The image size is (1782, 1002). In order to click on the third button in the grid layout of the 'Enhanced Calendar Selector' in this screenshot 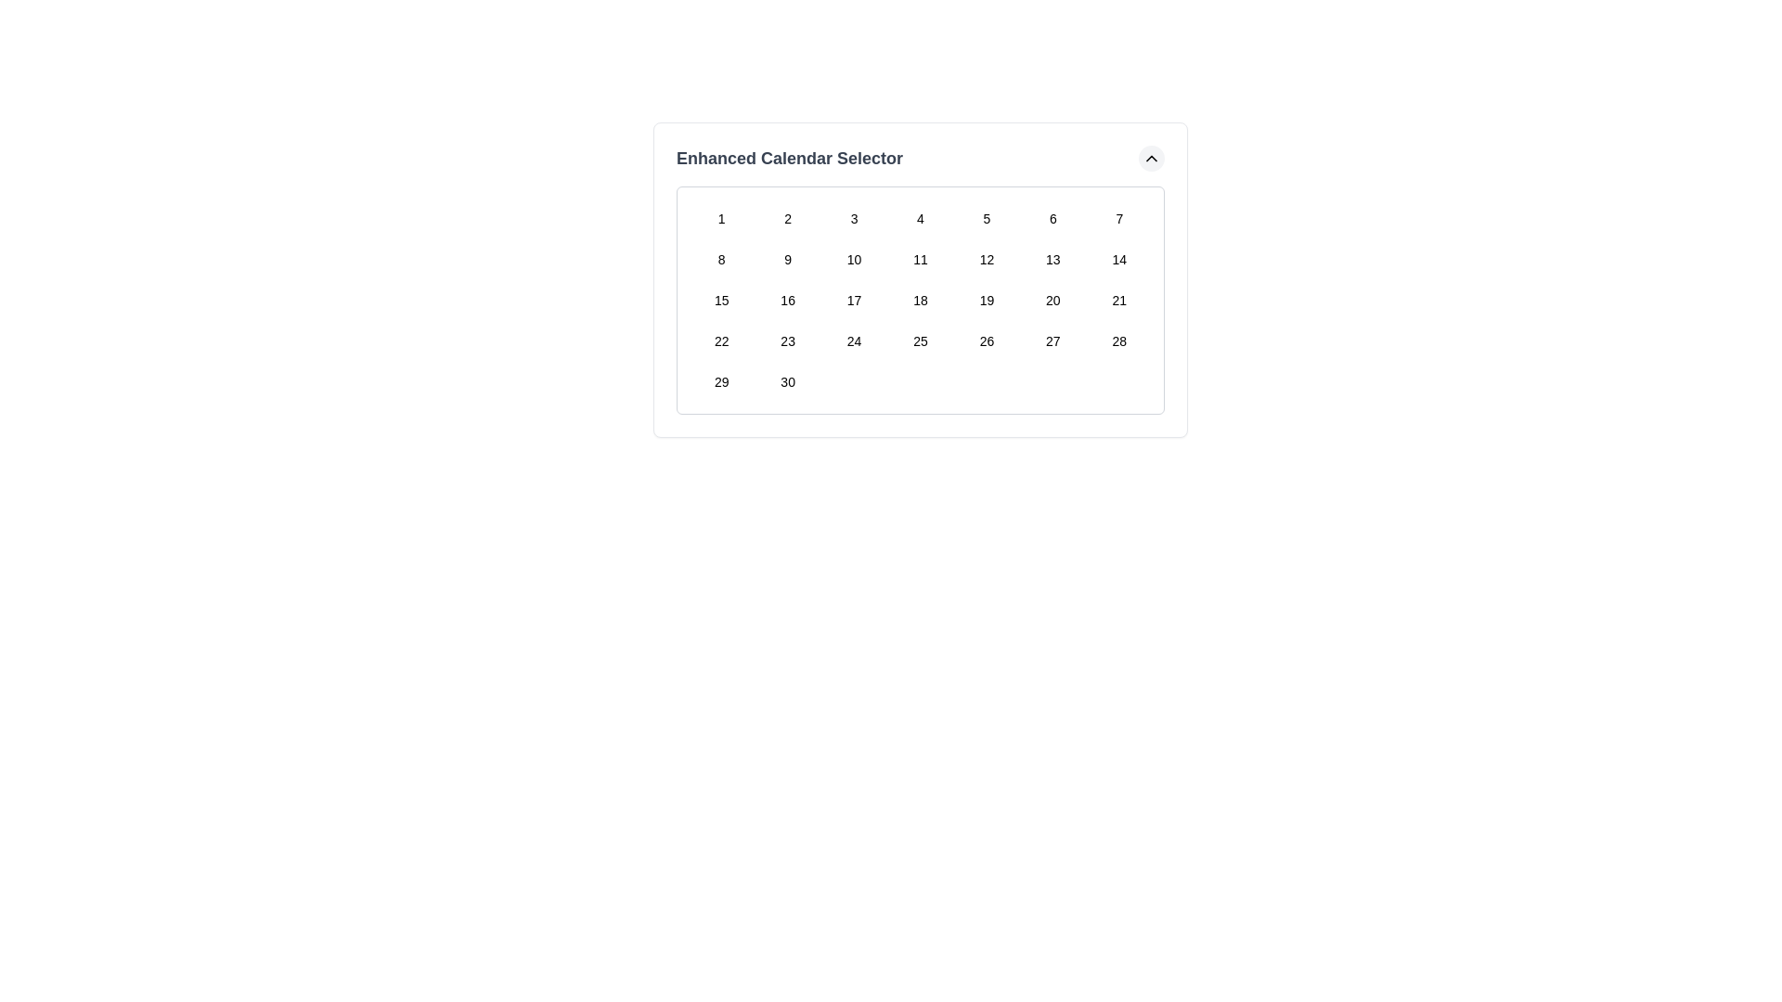, I will do `click(853, 217)`.